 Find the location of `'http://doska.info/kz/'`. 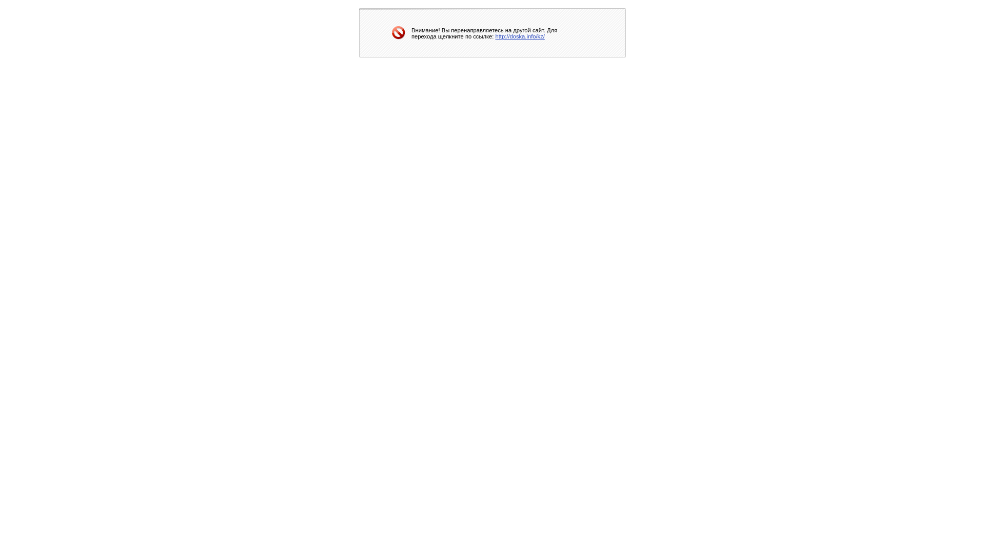

'http://doska.info/kz/' is located at coordinates (495, 35).